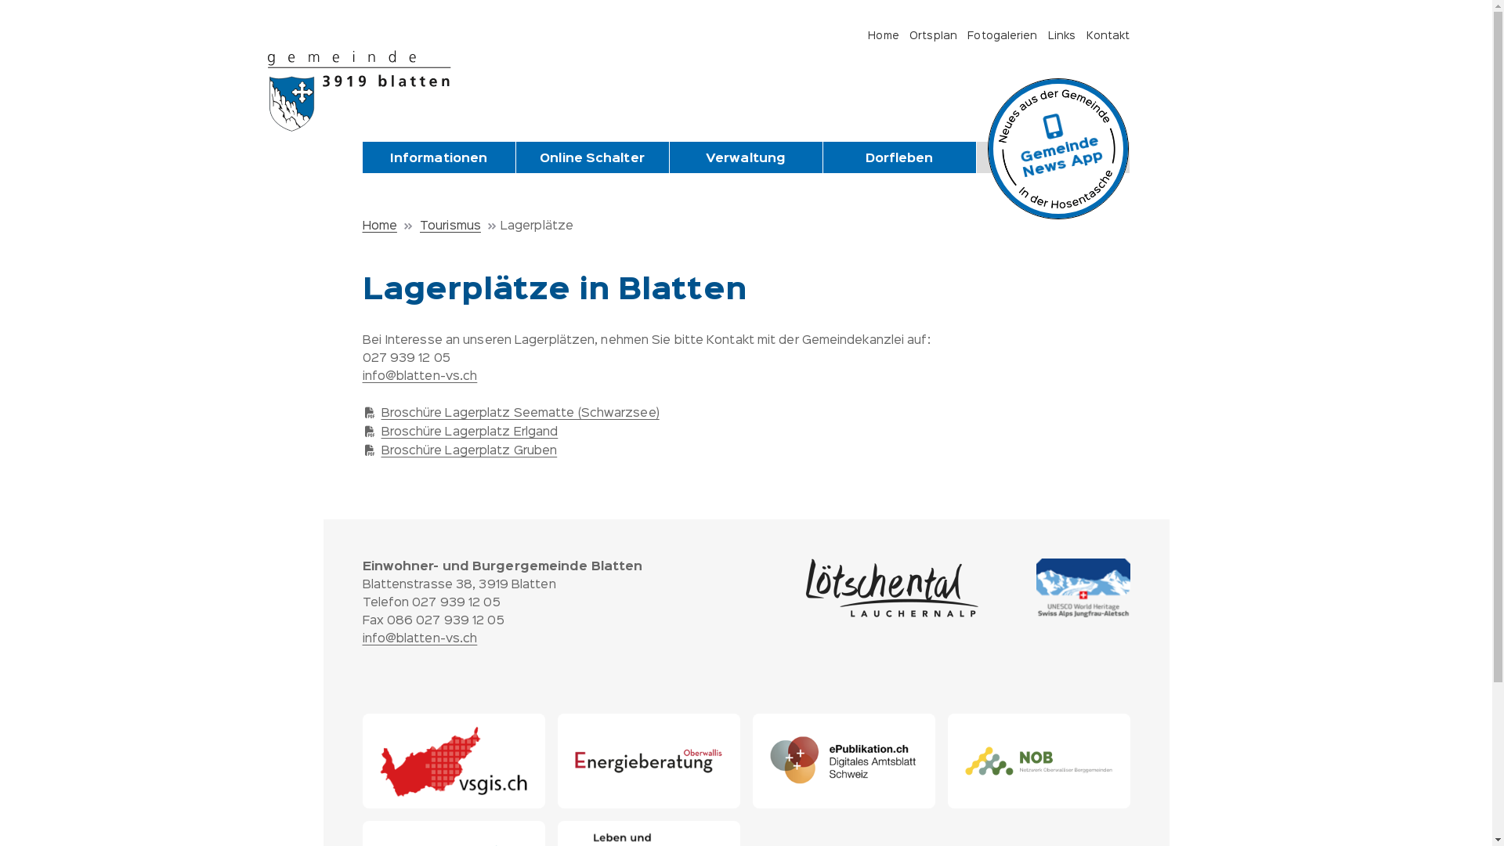 This screenshot has width=1504, height=846. What do you see at coordinates (591, 159) in the screenshot?
I see `'Online Schalter'` at bounding box center [591, 159].